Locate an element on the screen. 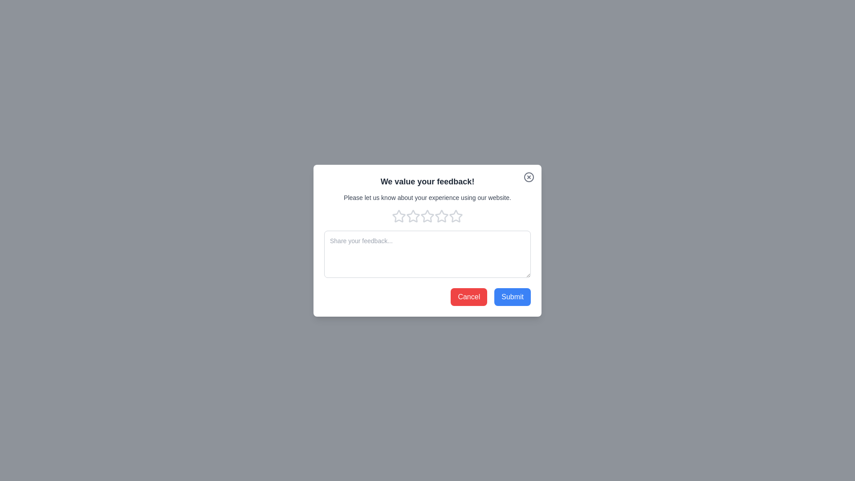 Image resolution: width=855 pixels, height=481 pixels. close button at the top-right corner of the dialog is located at coordinates (529, 177).